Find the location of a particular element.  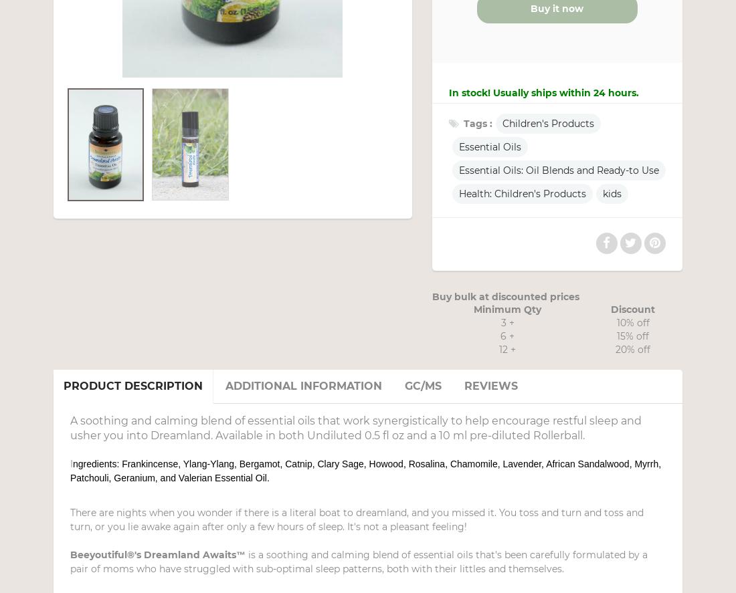

'Essential Oils: Oil Blends and Ready-to Use' is located at coordinates (458, 170).